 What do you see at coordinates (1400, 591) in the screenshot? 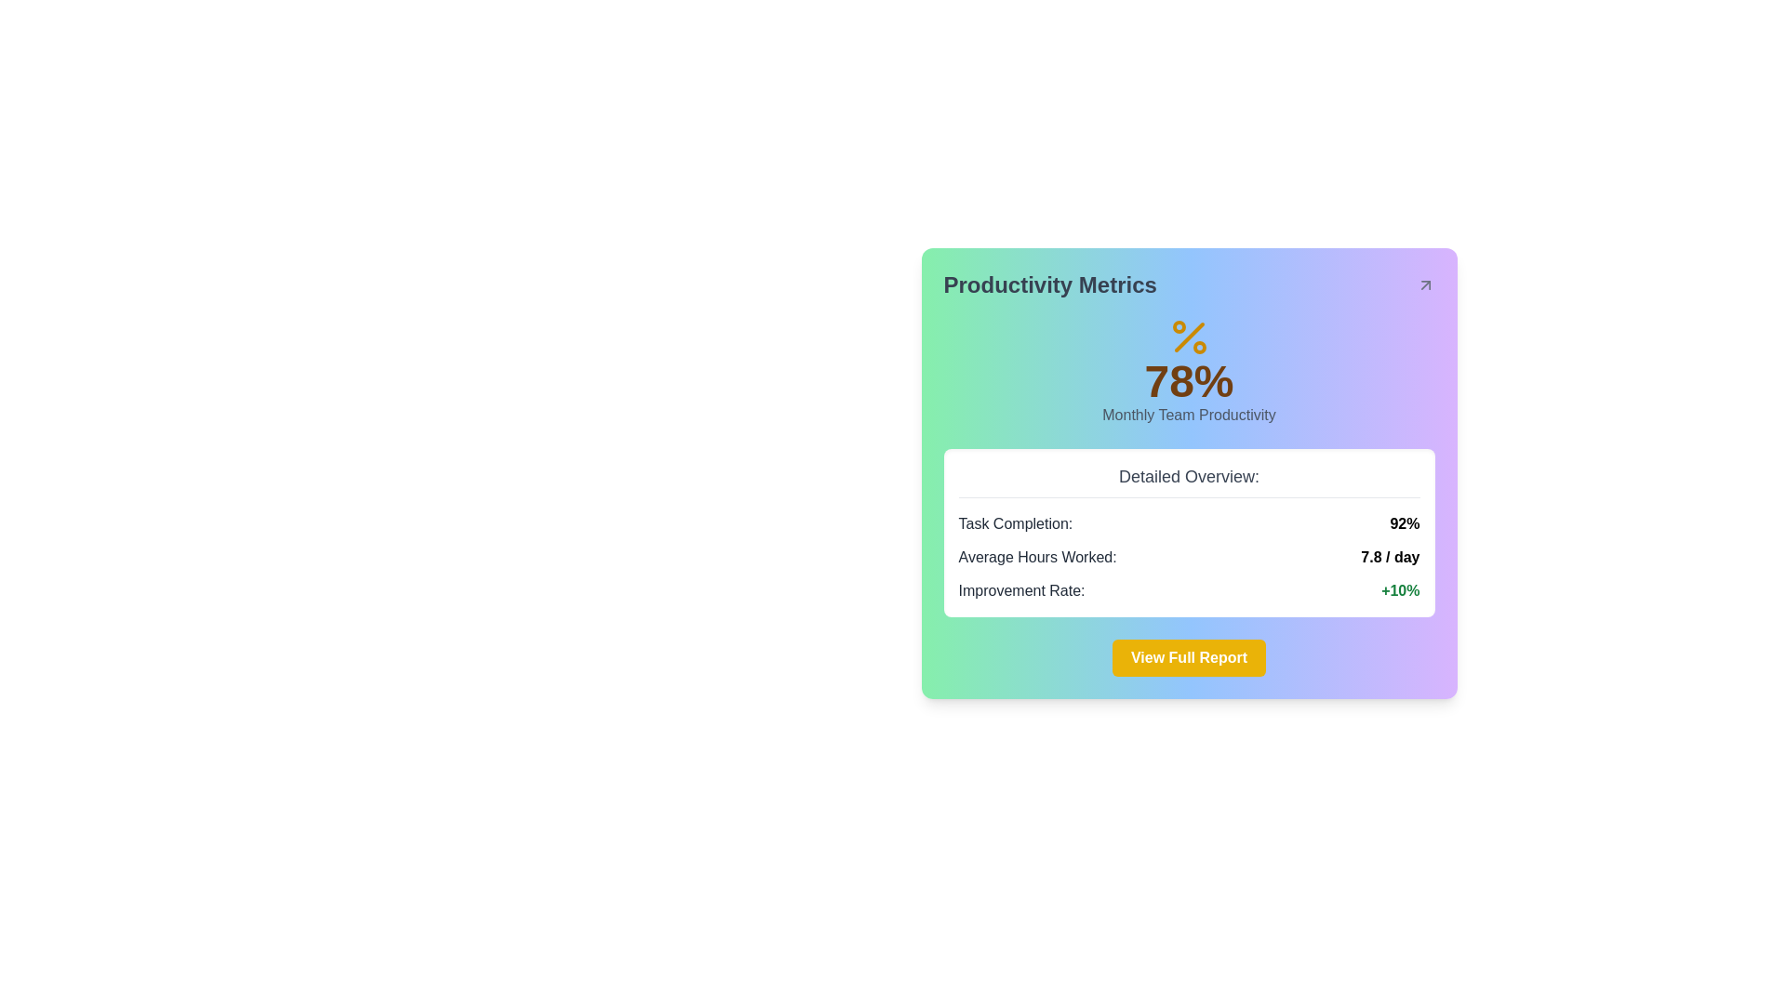
I see `the Static Text displaying the improvement rate in the lower right corner of the 'Detailed Overview' card, which shows a percentage increase of 10%` at bounding box center [1400, 591].